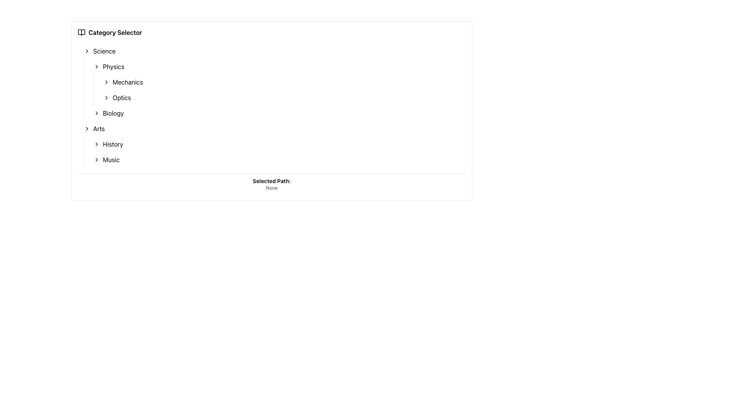  What do you see at coordinates (96, 144) in the screenshot?
I see `the chevron icon indicating the collapsible 'History' section in the 'Arts' category` at bounding box center [96, 144].